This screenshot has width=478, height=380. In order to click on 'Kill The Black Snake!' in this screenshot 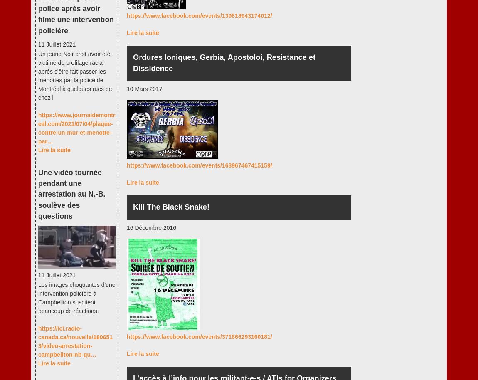, I will do `click(171, 207)`.